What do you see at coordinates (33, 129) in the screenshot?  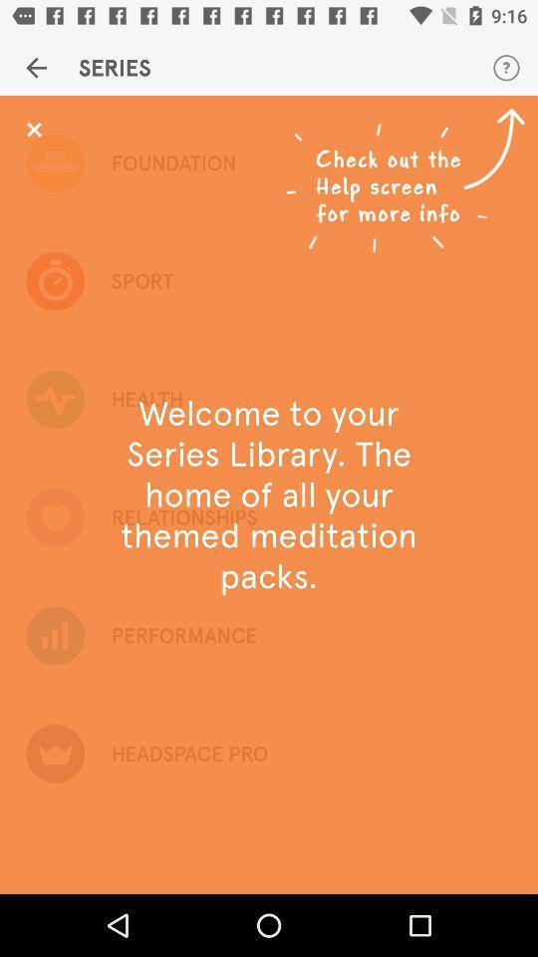 I see `close` at bounding box center [33, 129].